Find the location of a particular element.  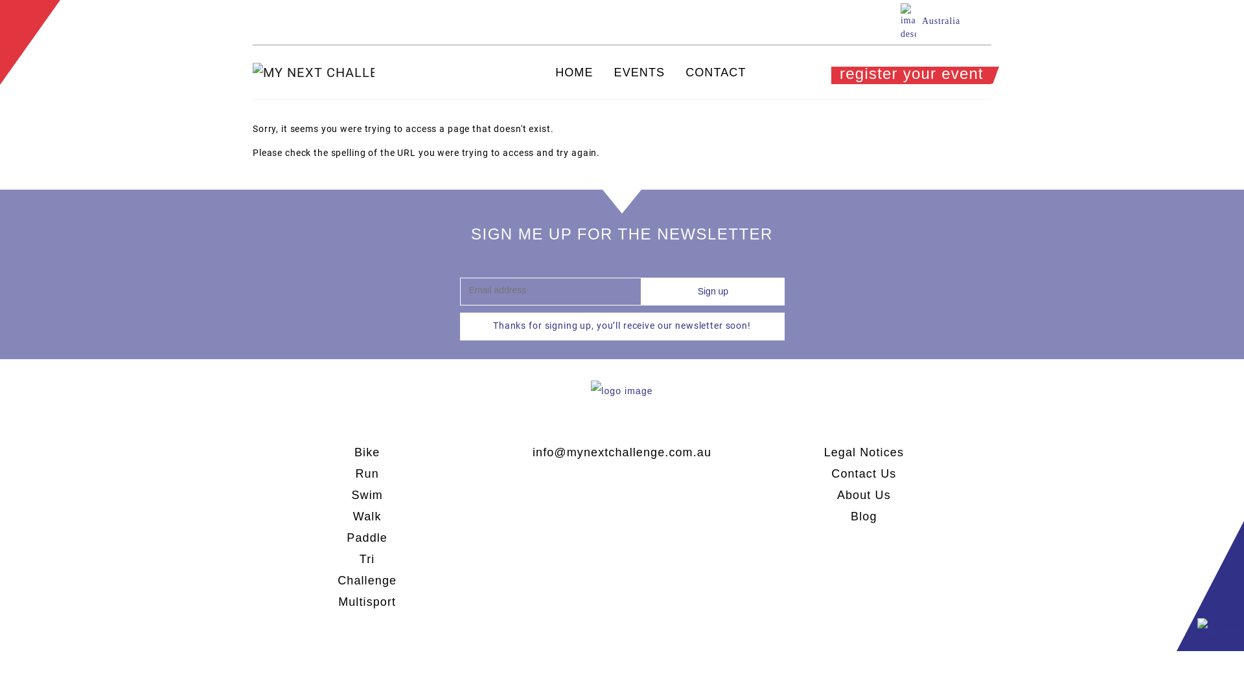

'Australia' is located at coordinates (929, 21).